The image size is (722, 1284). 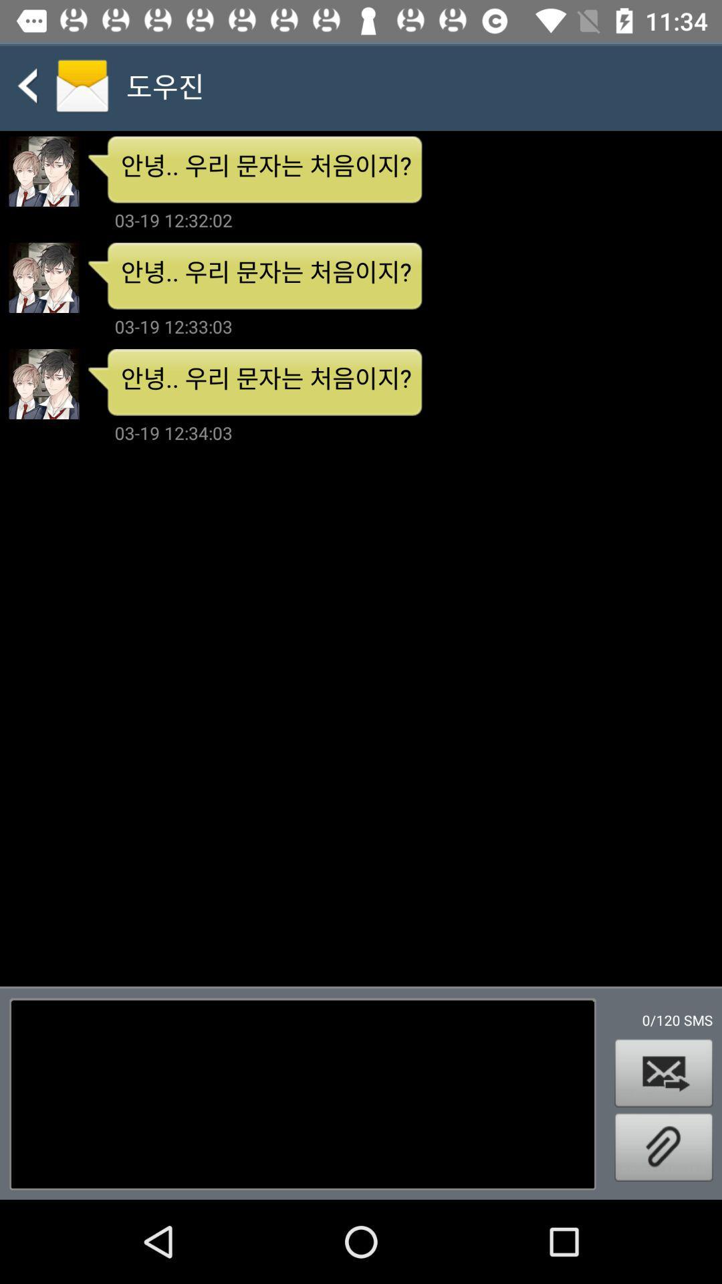 What do you see at coordinates (663, 1146) in the screenshot?
I see `the attach_file icon` at bounding box center [663, 1146].